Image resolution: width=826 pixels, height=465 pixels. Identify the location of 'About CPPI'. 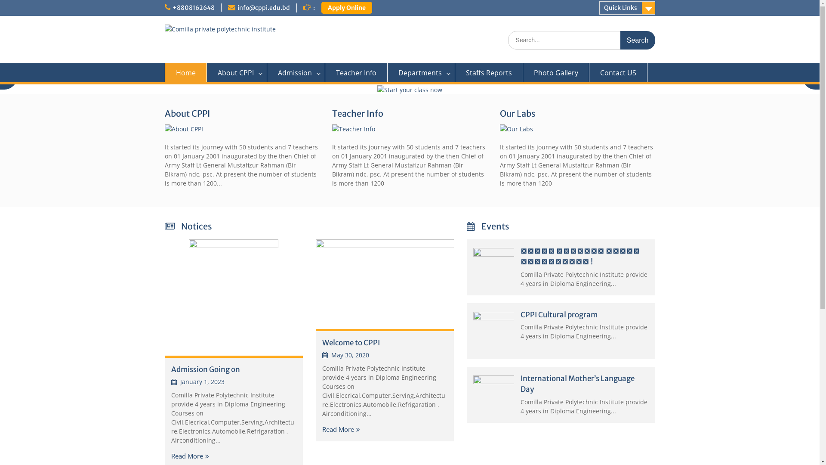
(237, 72).